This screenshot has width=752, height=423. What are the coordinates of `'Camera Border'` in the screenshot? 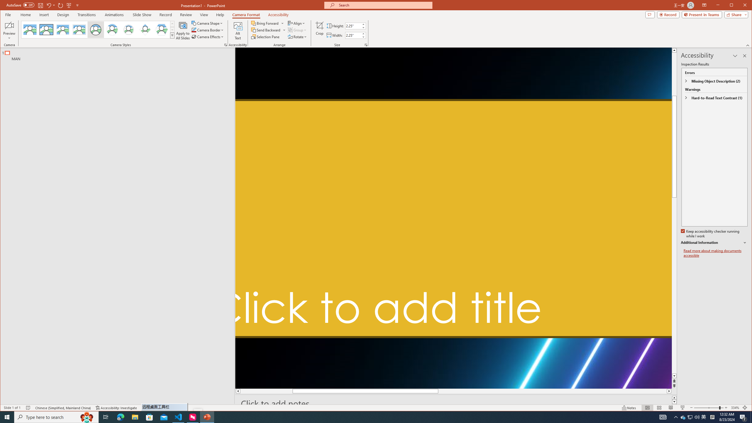 It's located at (207, 30).